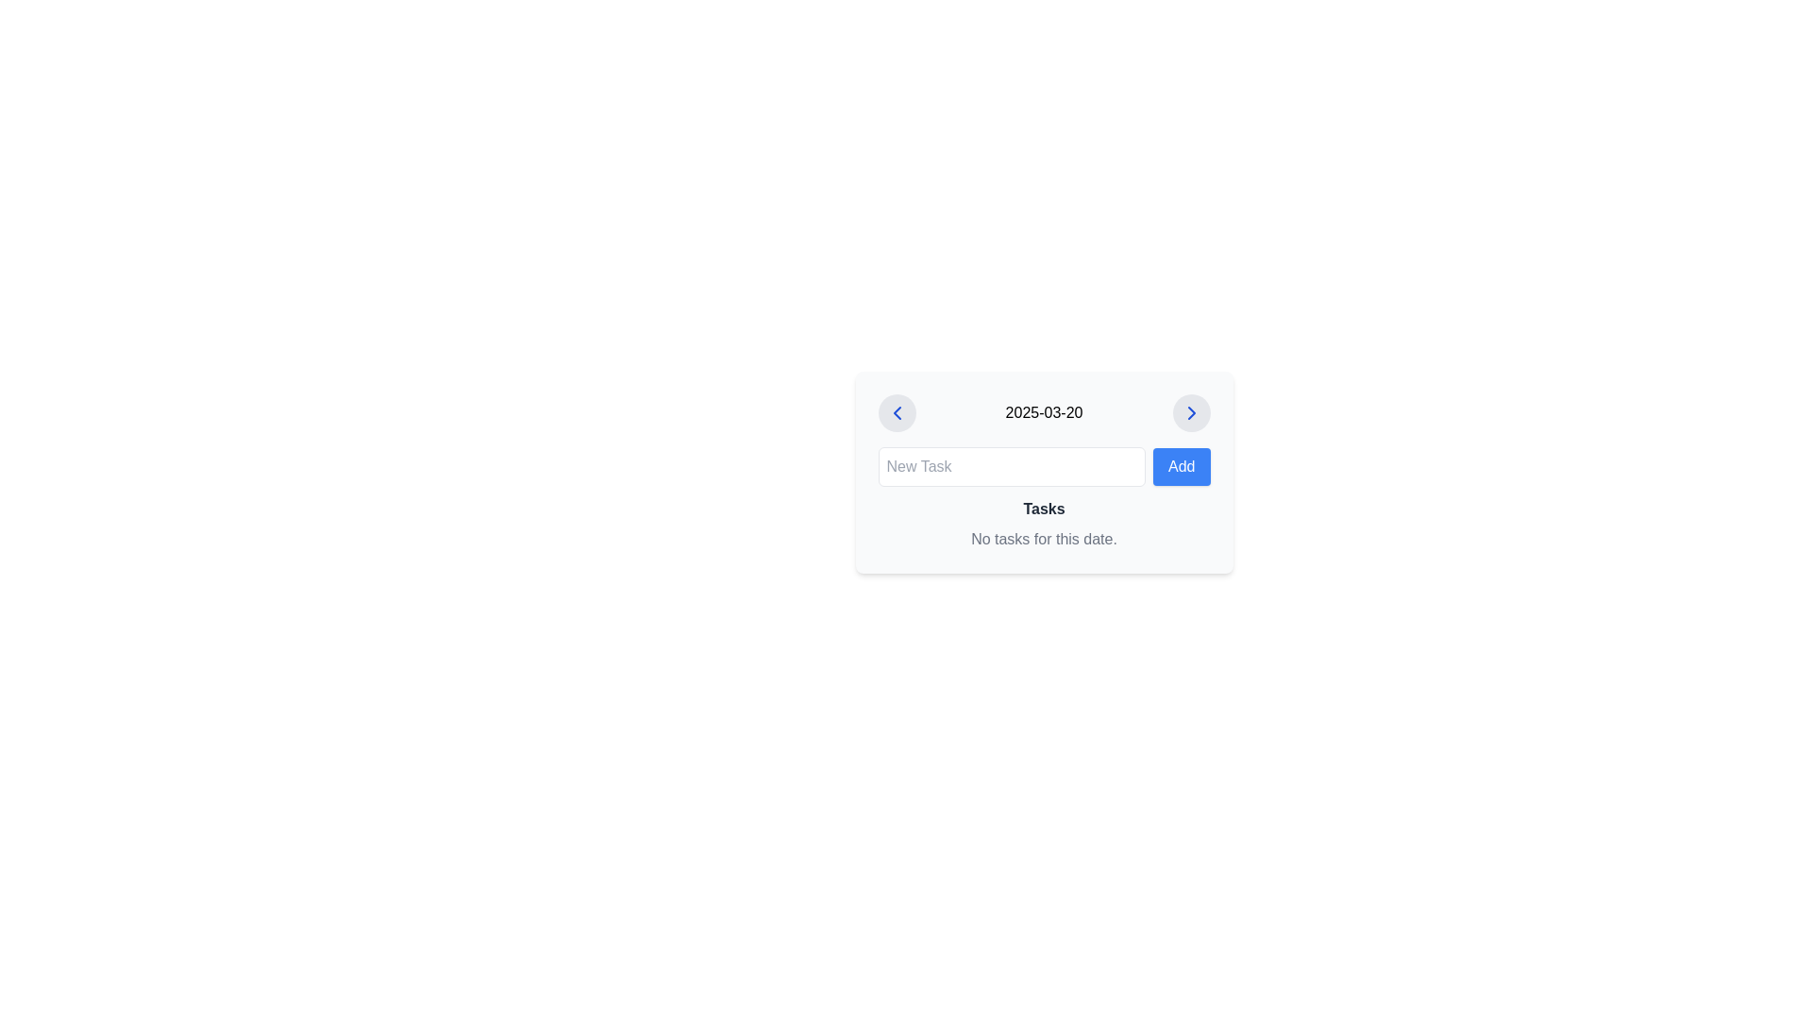 This screenshot has height=1019, width=1812. I want to click on the date Text Label displayed in 'YYYY-MM-DD' format, which is centrally located between two arrow-like navigation icons, so click(1043, 412).